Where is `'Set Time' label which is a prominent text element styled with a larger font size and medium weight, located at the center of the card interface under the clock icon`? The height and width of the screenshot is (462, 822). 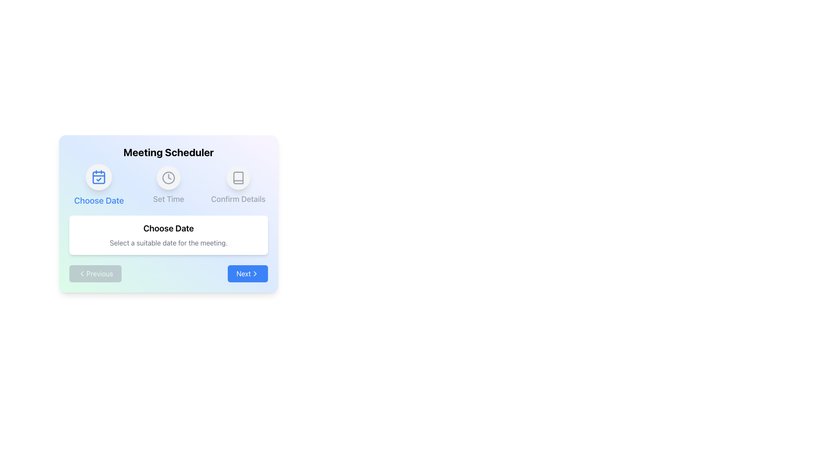
'Set Time' label which is a prominent text element styled with a larger font size and medium weight, located at the center of the card interface under the clock icon is located at coordinates (168, 199).